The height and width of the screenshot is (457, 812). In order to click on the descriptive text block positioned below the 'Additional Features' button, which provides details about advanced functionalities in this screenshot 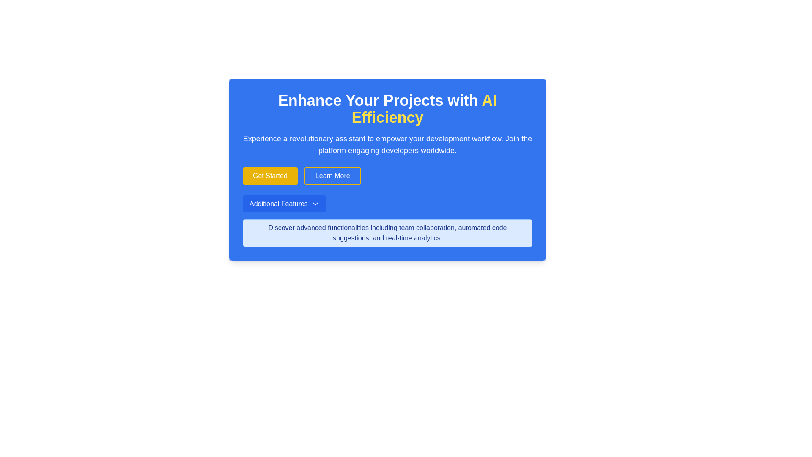, I will do `click(387, 233)`.